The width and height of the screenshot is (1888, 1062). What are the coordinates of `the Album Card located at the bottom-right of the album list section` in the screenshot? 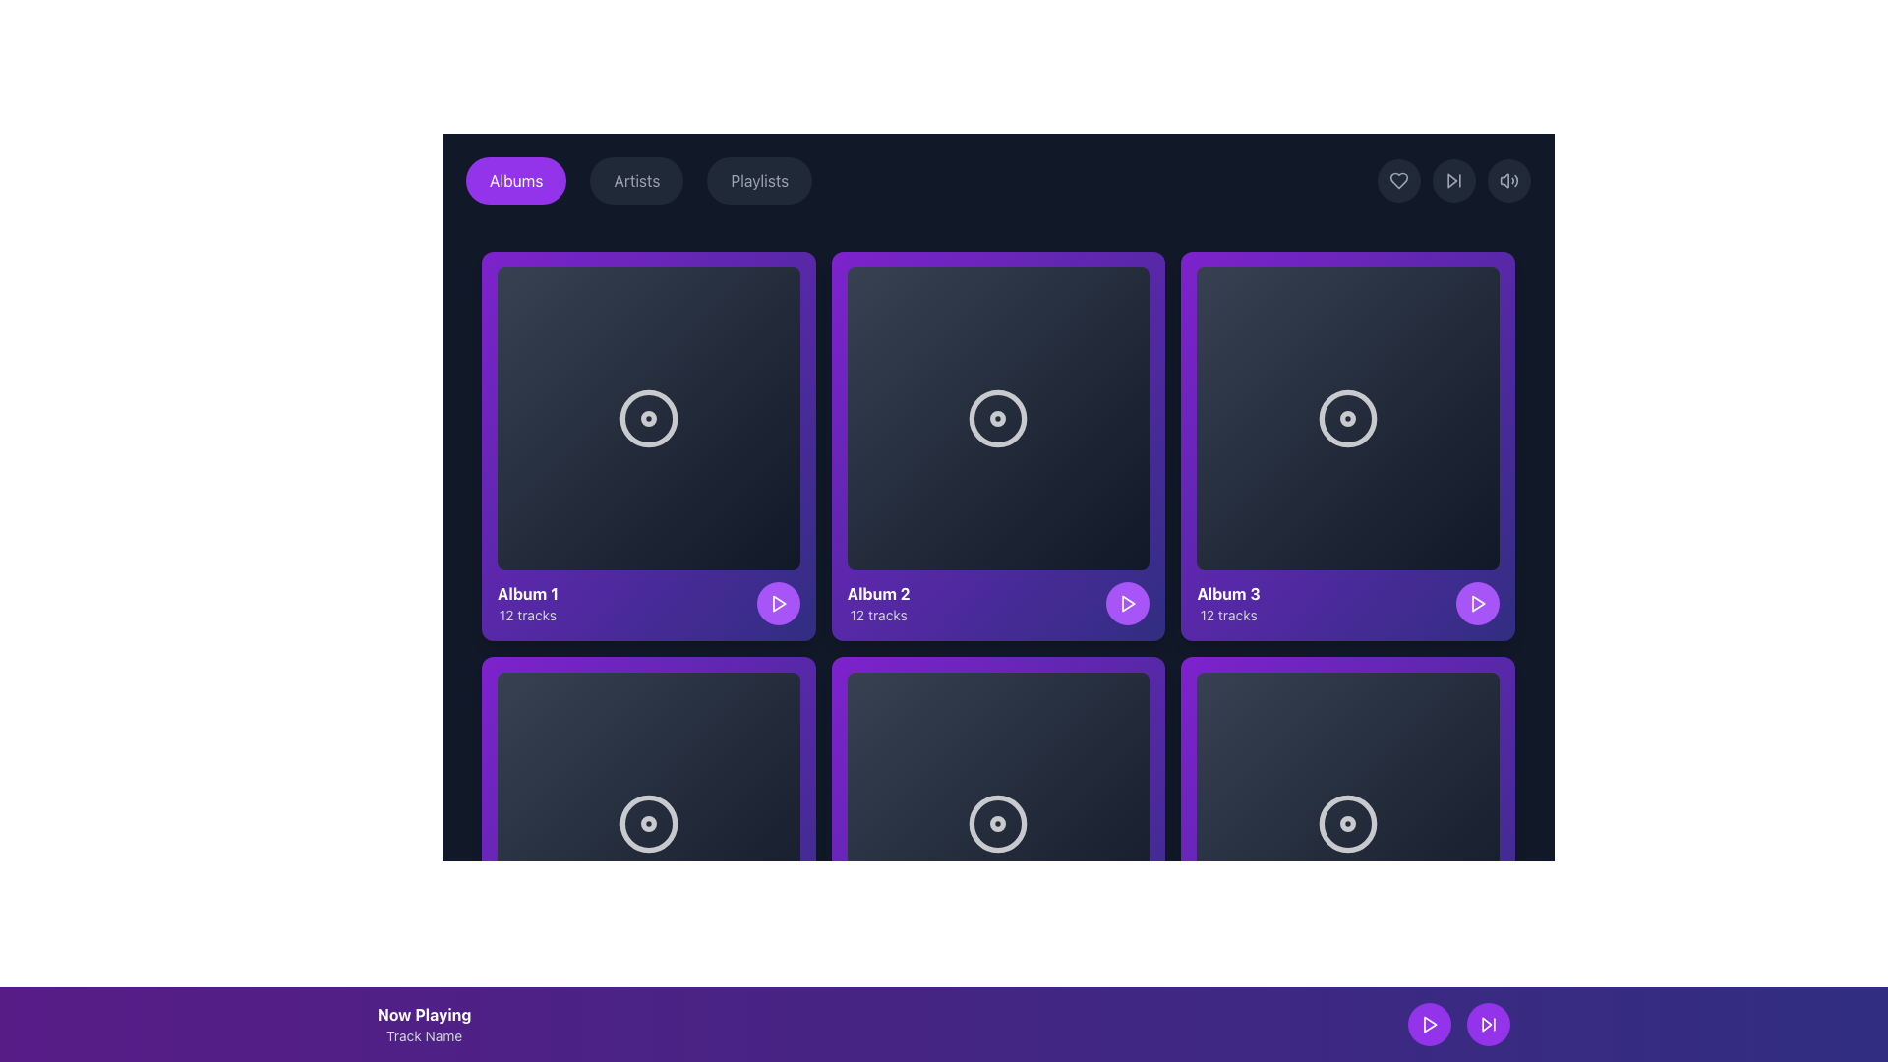 It's located at (1347, 850).